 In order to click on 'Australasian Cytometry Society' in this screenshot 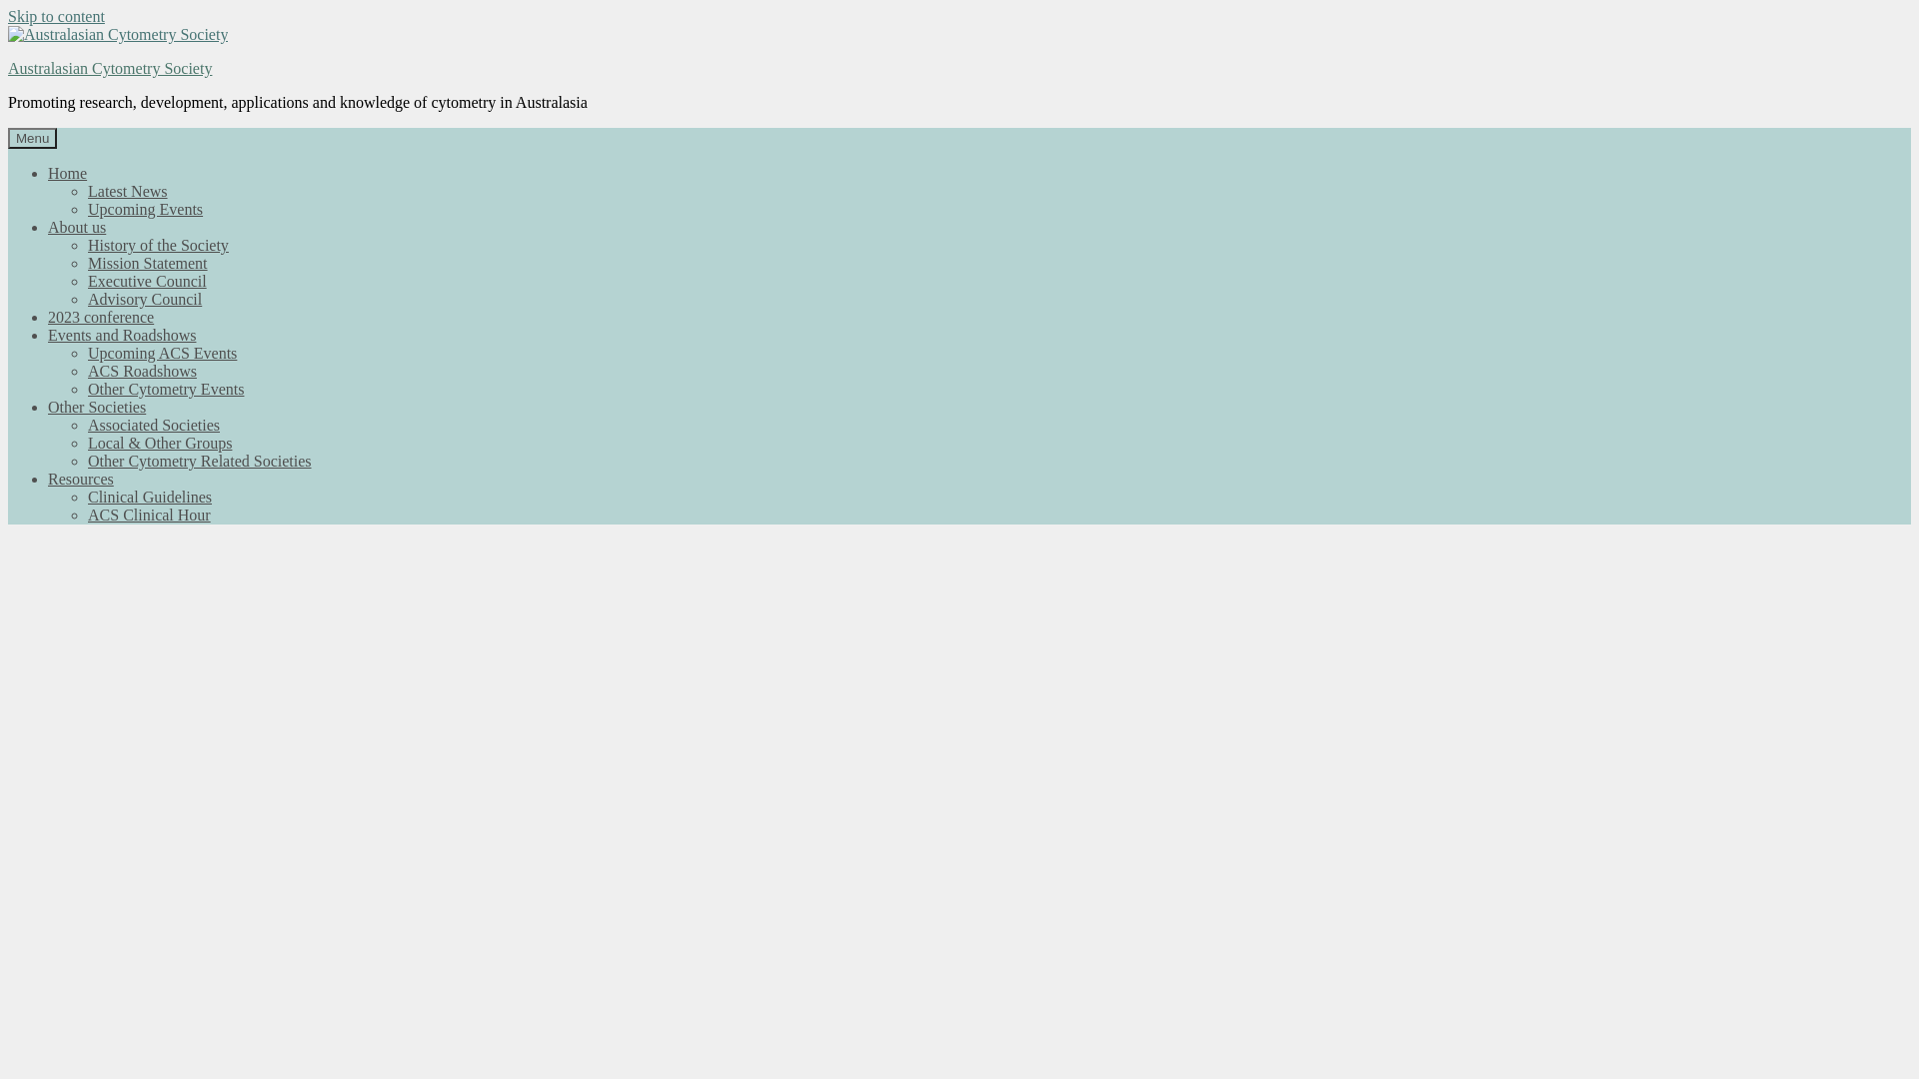, I will do `click(109, 67)`.